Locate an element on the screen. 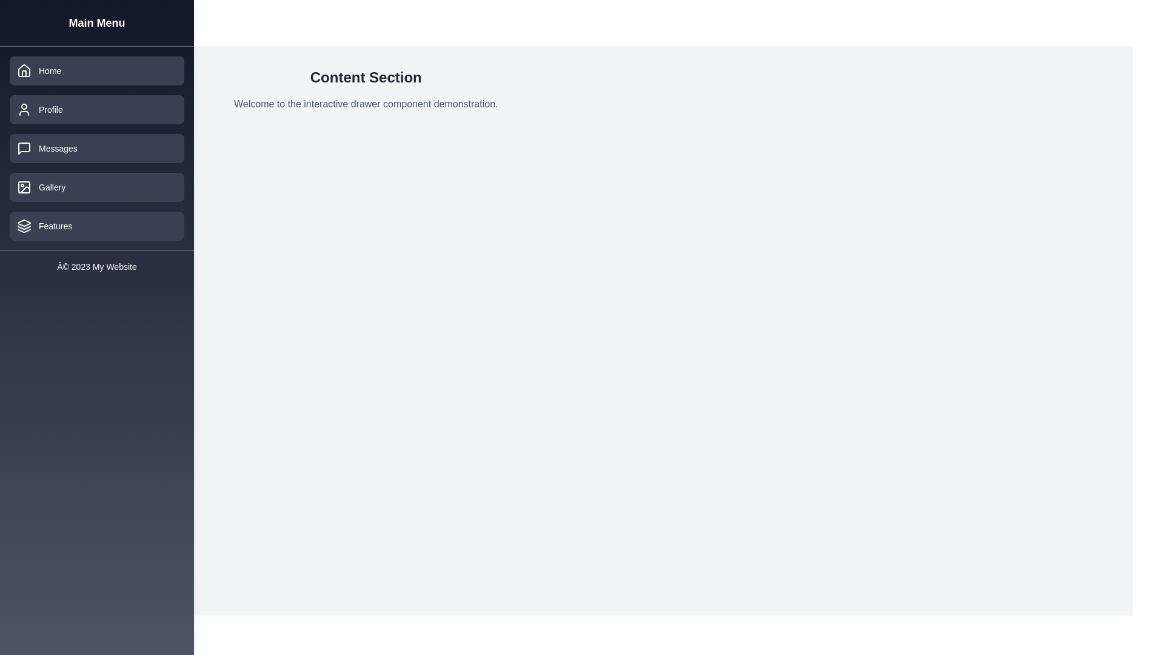  the profile icon, which resembles a person with a circular head and truncated body, outlined in white against a dark blue background, located within the second navigation button labeled 'Profile' in the left sidebar is located at coordinates (24, 110).